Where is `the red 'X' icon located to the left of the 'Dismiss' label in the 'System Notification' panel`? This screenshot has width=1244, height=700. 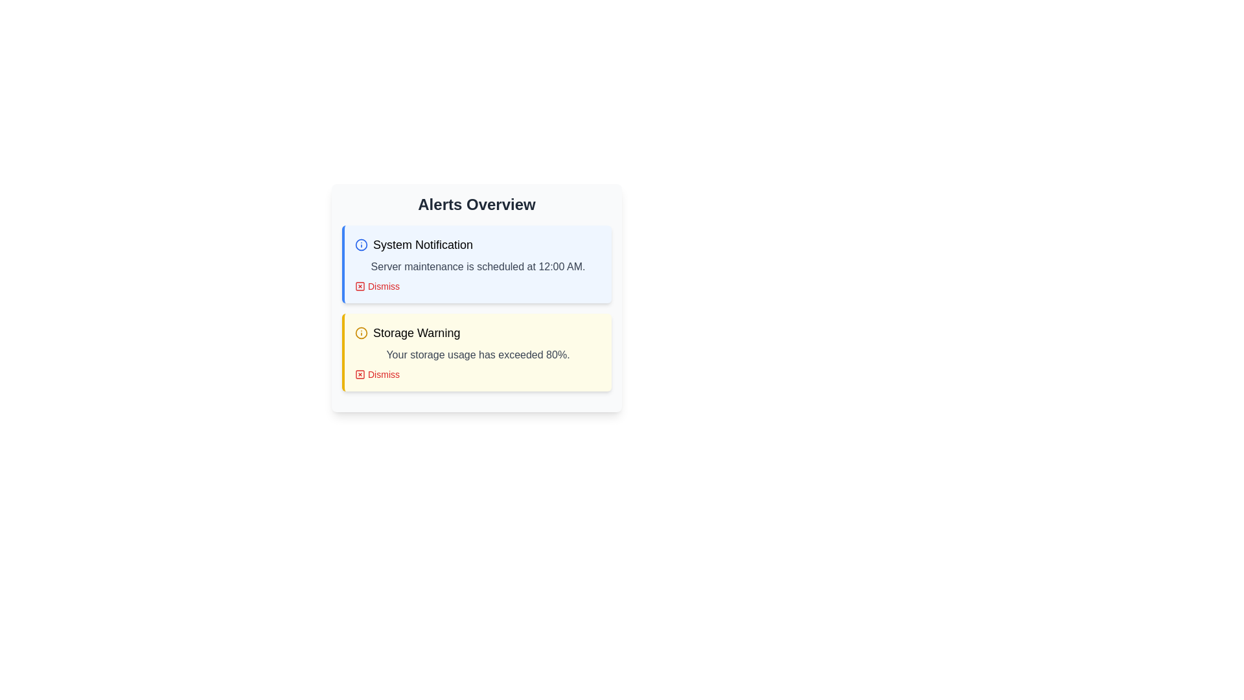
the red 'X' icon located to the left of the 'Dismiss' label in the 'System Notification' panel is located at coordinates (360, 286).